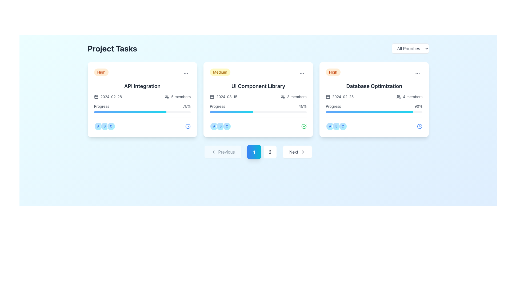 The height and width of the screenshot is (288, 512). I want to click on the medium priority label located at the top left corner of the second project task card, so click(220, 72).